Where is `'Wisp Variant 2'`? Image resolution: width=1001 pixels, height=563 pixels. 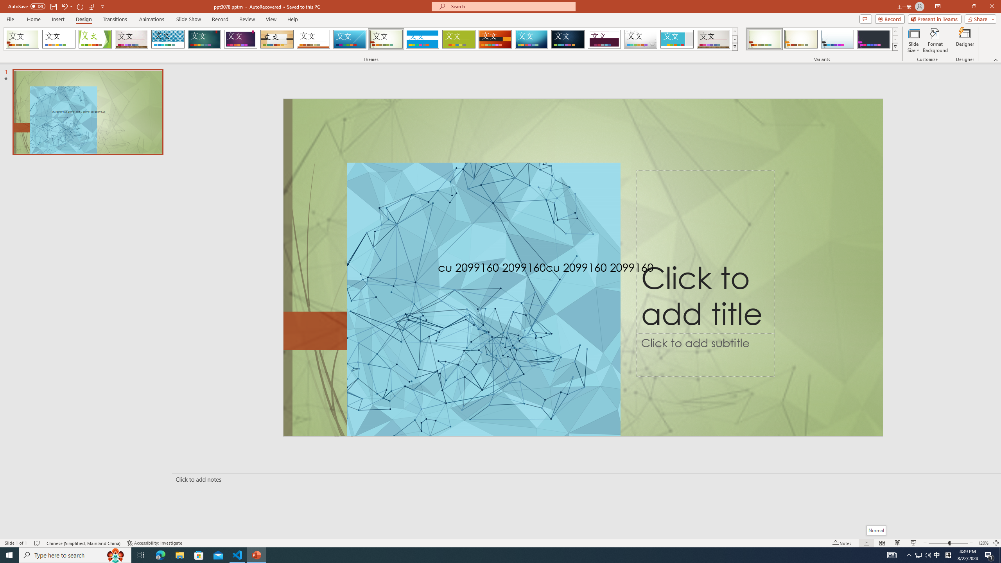
'Wisp Variant 2' is located at coordinates (800, 39).